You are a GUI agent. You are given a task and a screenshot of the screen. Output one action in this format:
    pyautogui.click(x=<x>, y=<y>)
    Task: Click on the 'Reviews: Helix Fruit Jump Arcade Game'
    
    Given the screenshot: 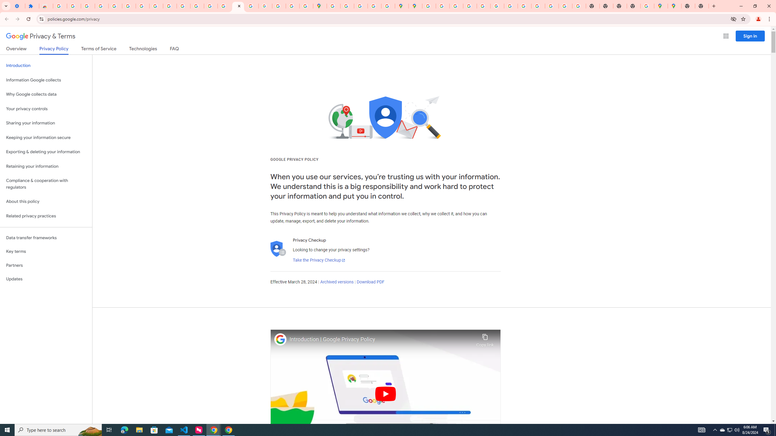 What is the action you would take?
    pyautogui.click(x=46, y=6)
    